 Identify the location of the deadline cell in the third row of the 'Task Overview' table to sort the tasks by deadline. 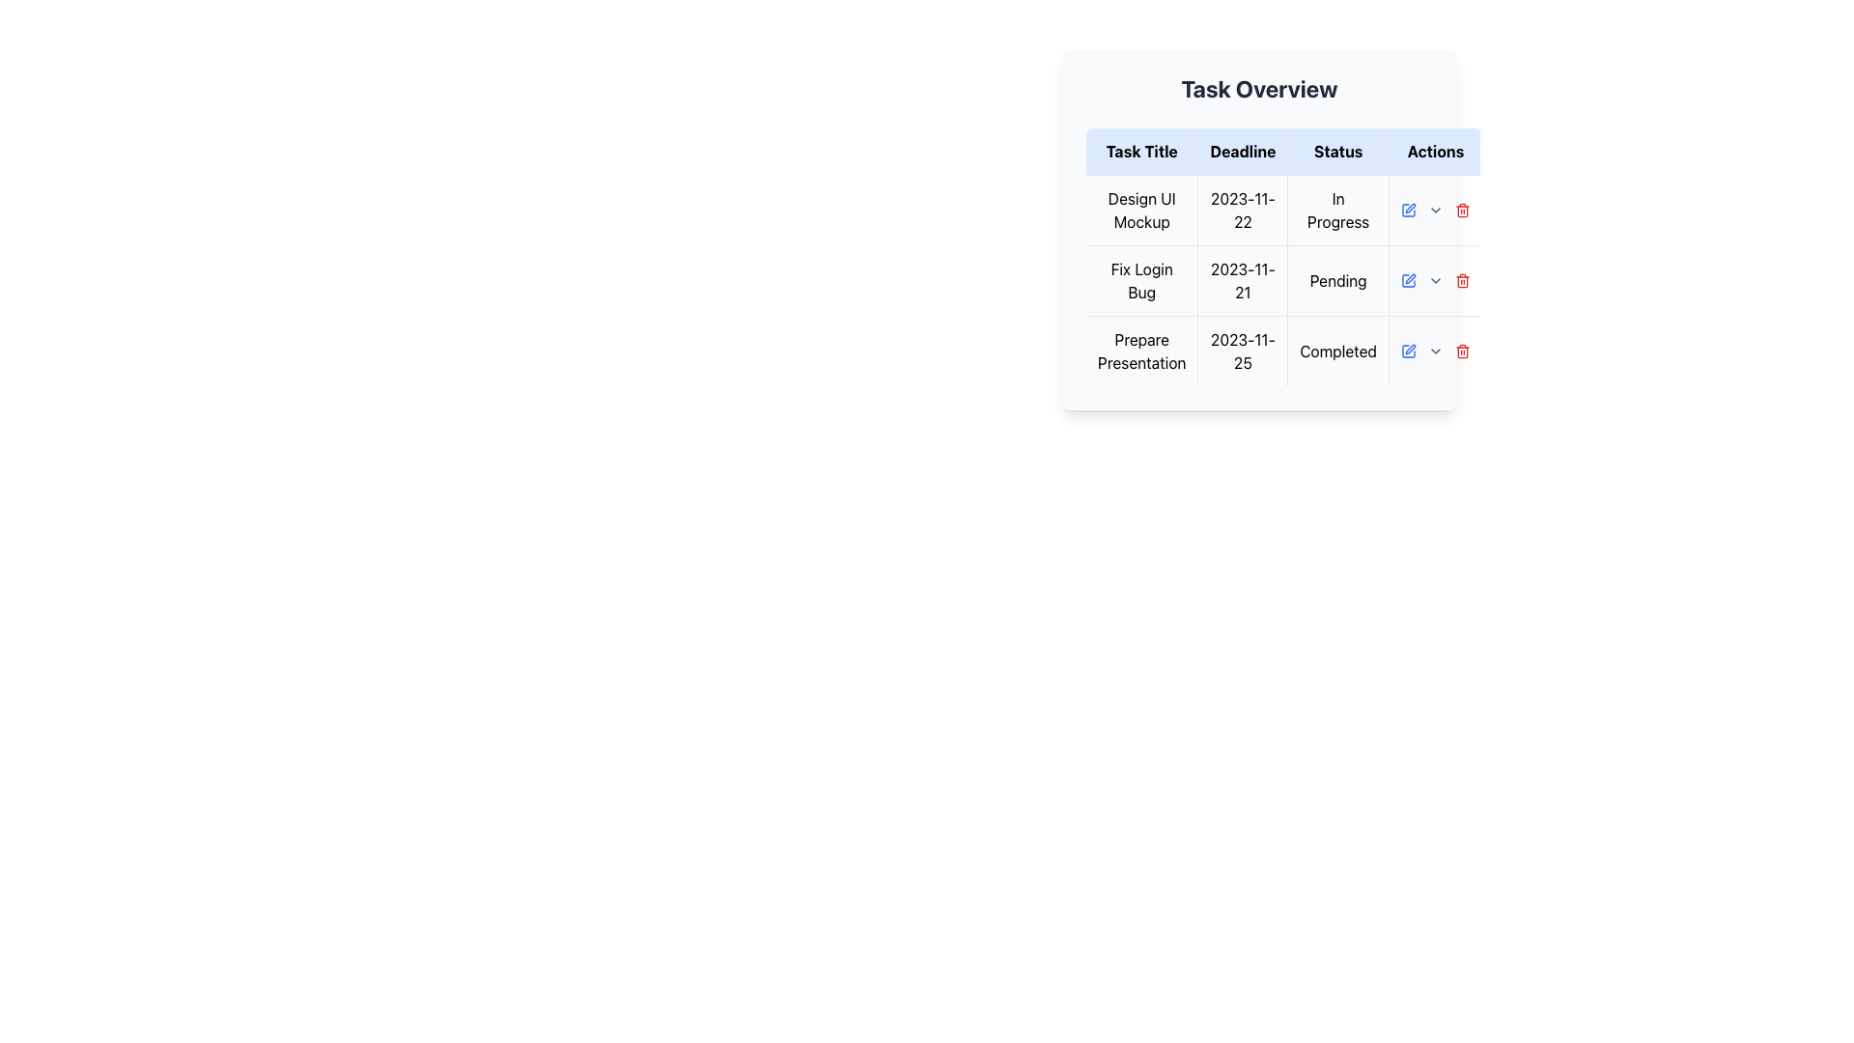
(1283, 351).